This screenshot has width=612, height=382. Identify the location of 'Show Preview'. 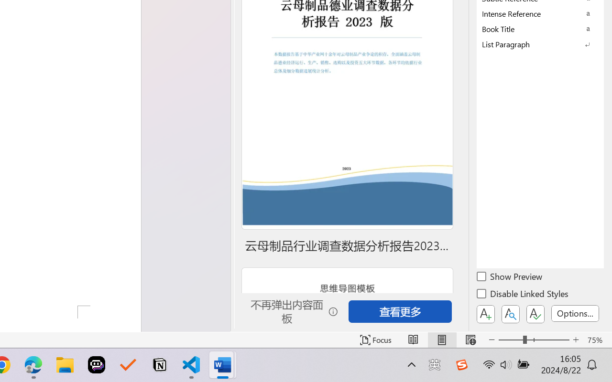
(510, 277).